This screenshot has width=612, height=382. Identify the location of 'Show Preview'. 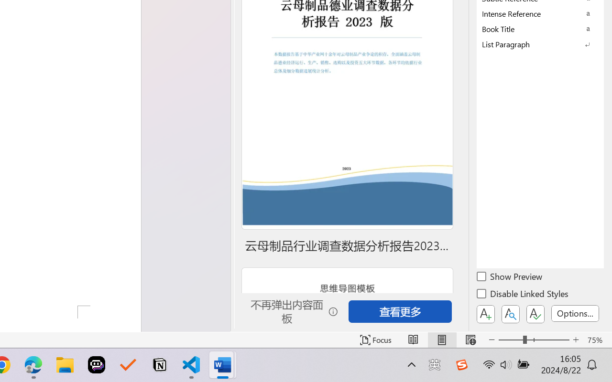
(510, 277).